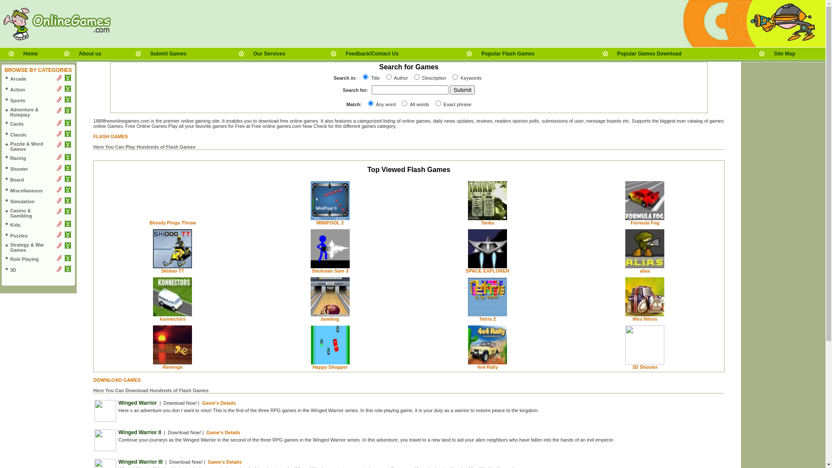 This screenshot has height=468, width=832. I want to click on 'Tetris 2', so click(487, 319).